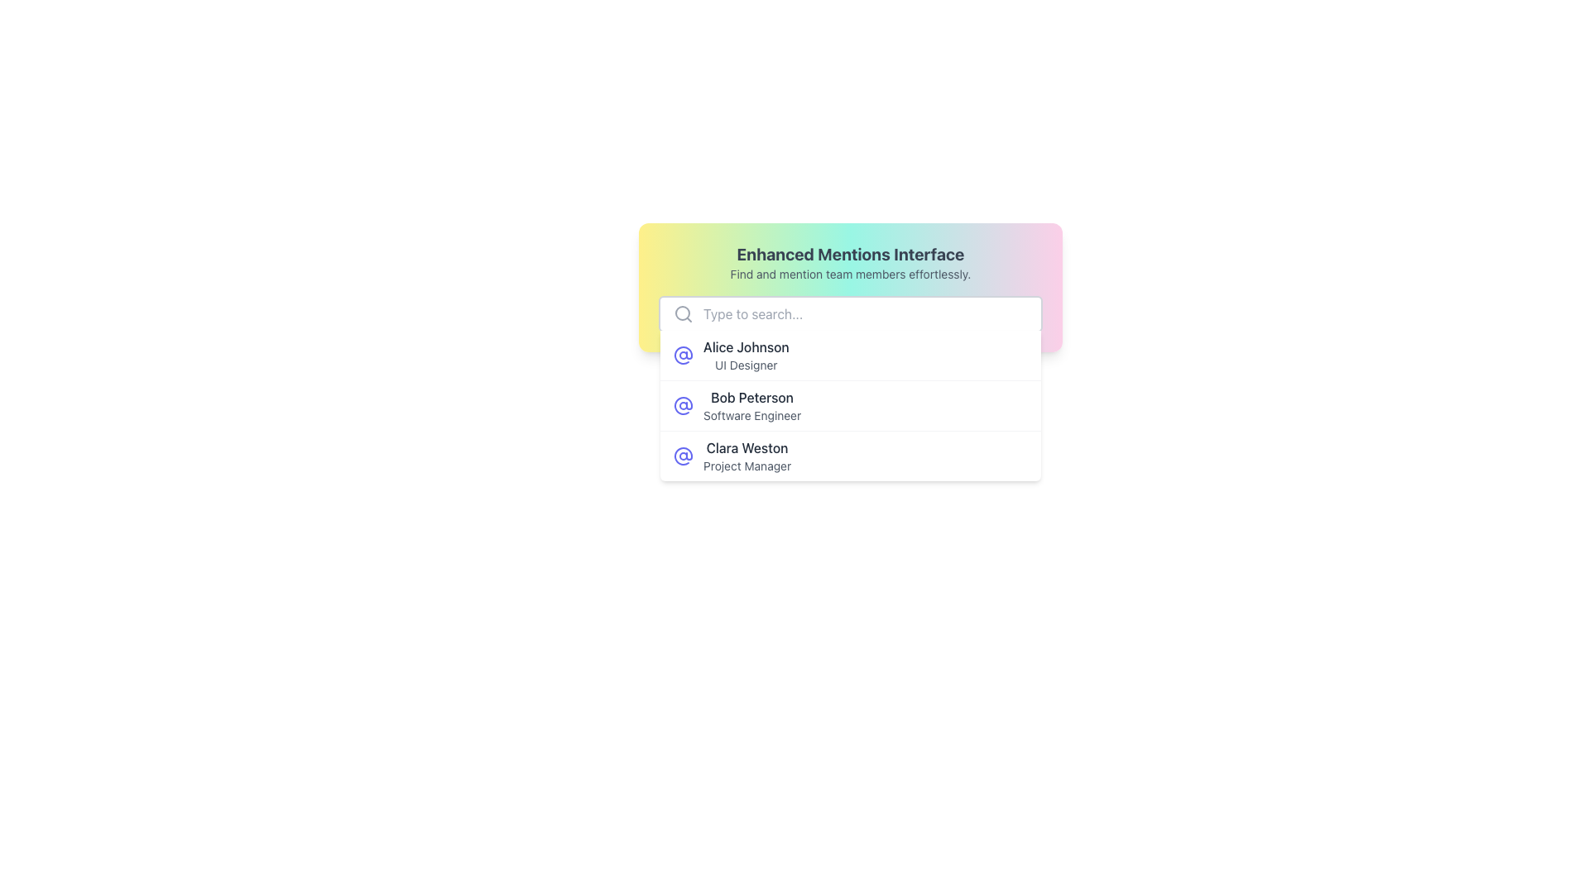 This screenshot has height=893, width=1589. Describe the element at coordinates (850, 314) in the screenshot. I see `the Search Input Field located at the upper portion of the dropdown interface` at that location.